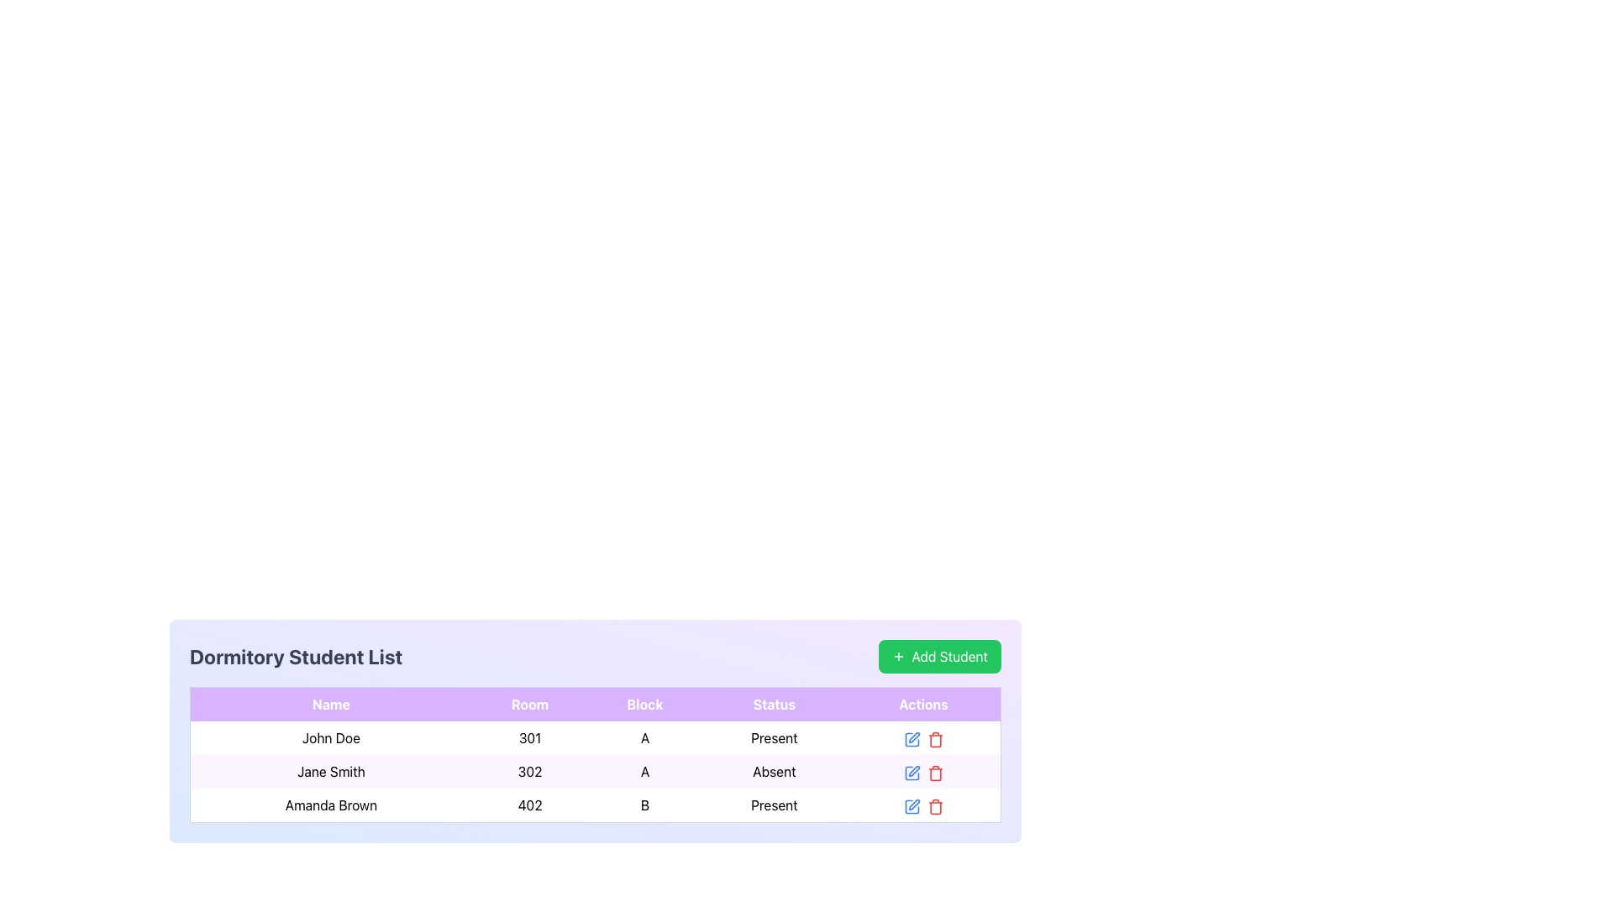 The height and width of the screenshot is (907, 1613). Describe the element at coordinates (913, 737) in the screenshot. I see `the Icon button in the Actions column of the first row corresponding to 'John Doe'` at that location.